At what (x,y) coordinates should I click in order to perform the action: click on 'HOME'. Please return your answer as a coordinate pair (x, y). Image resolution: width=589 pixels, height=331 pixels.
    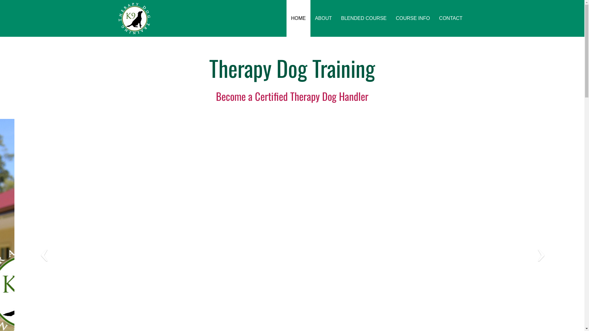
    Looking at the image, I should click on (298, 18).